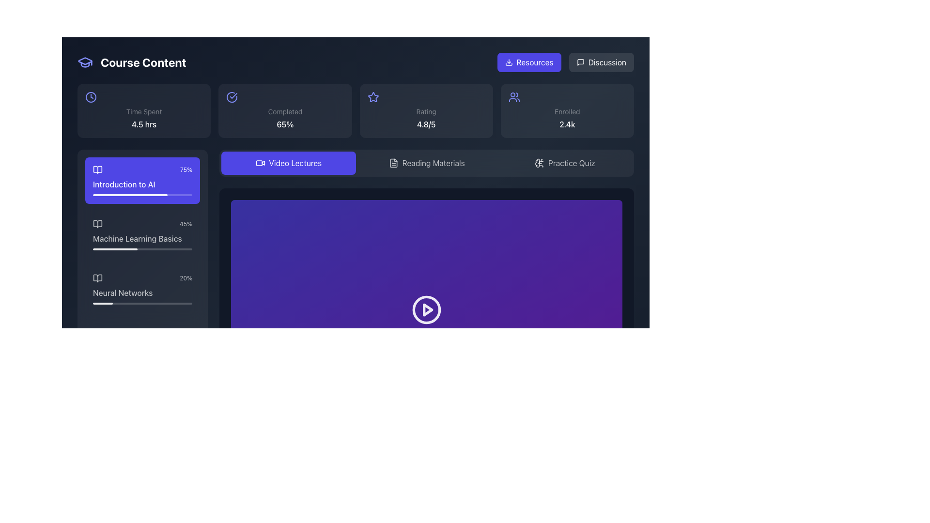 This screenshot has height=523, width=930. Describe the element at coordinates (188, 195) in the screenshot. I see `the progress bar` at that location.